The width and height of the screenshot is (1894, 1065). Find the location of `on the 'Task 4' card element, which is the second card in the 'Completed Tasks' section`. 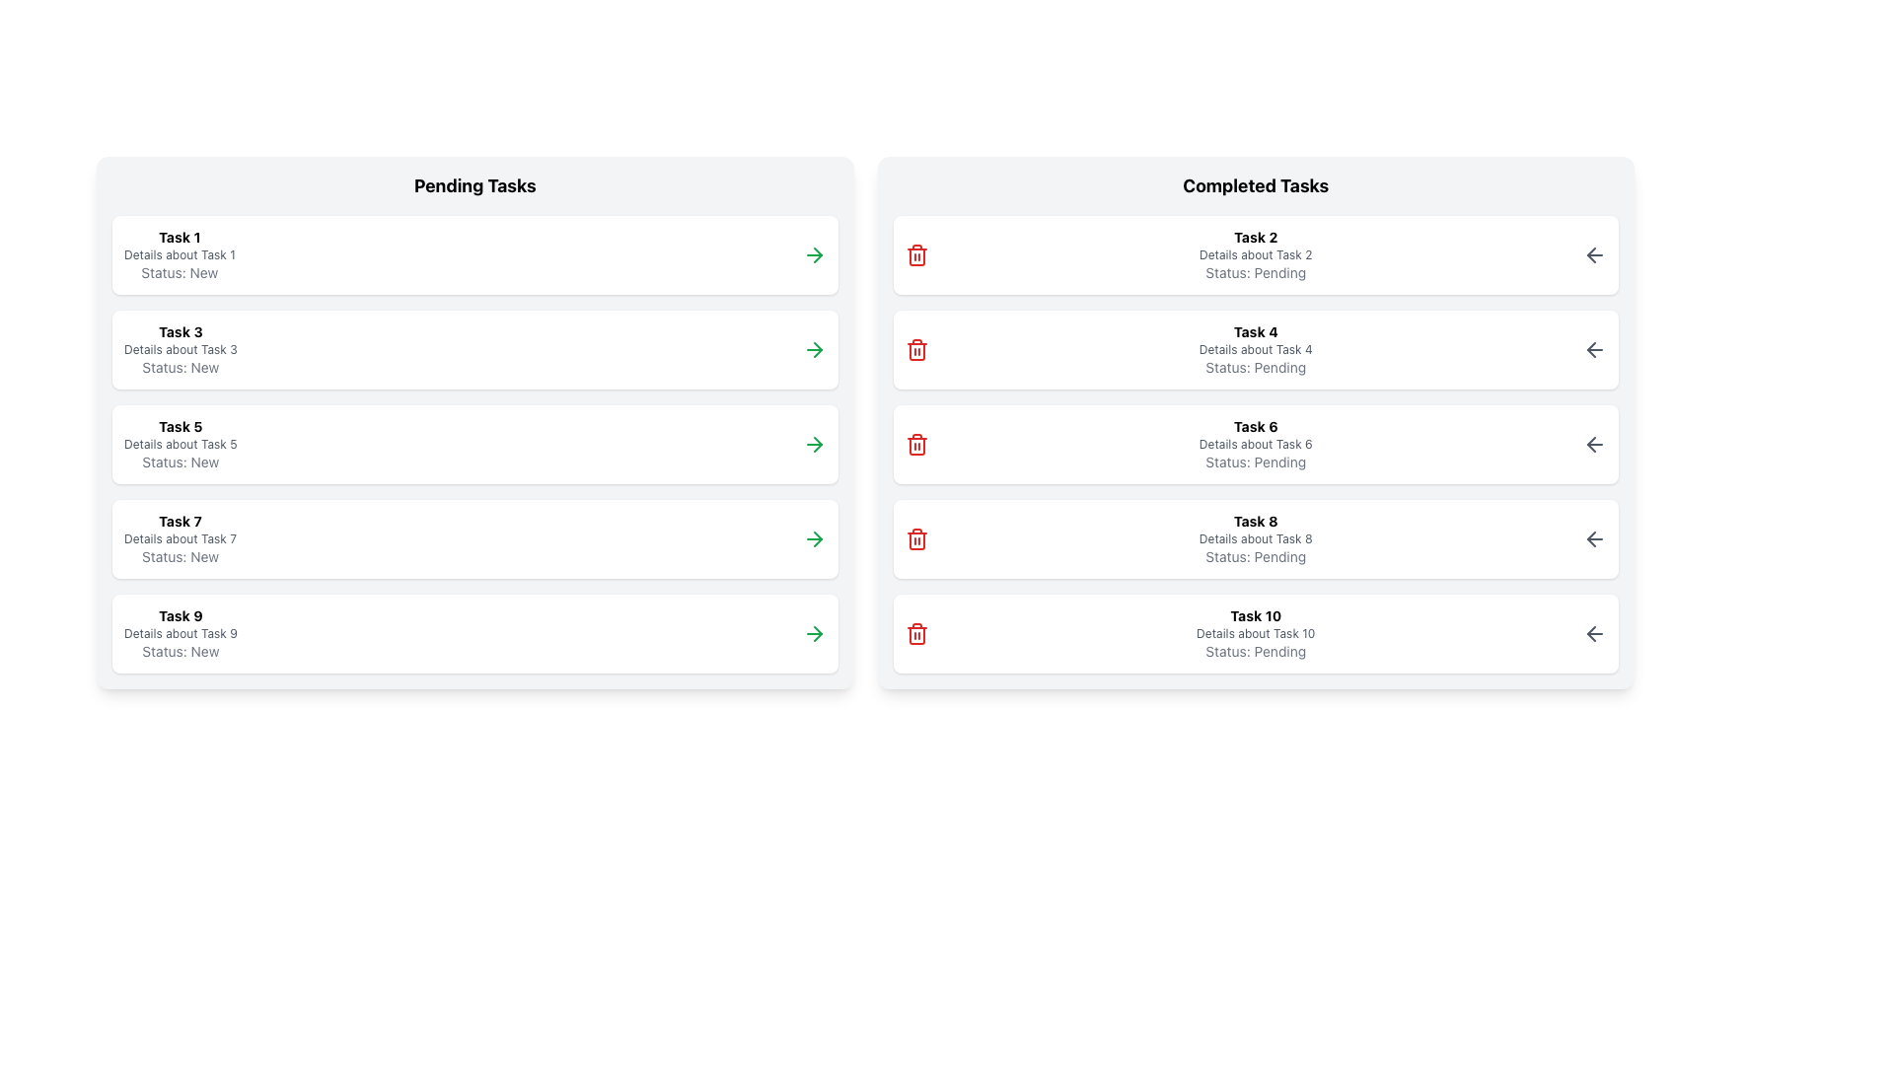

on the 'Task 4' card element, which is the second card in the 'Completed Tasks' section is located at coordinates (1255, 348).